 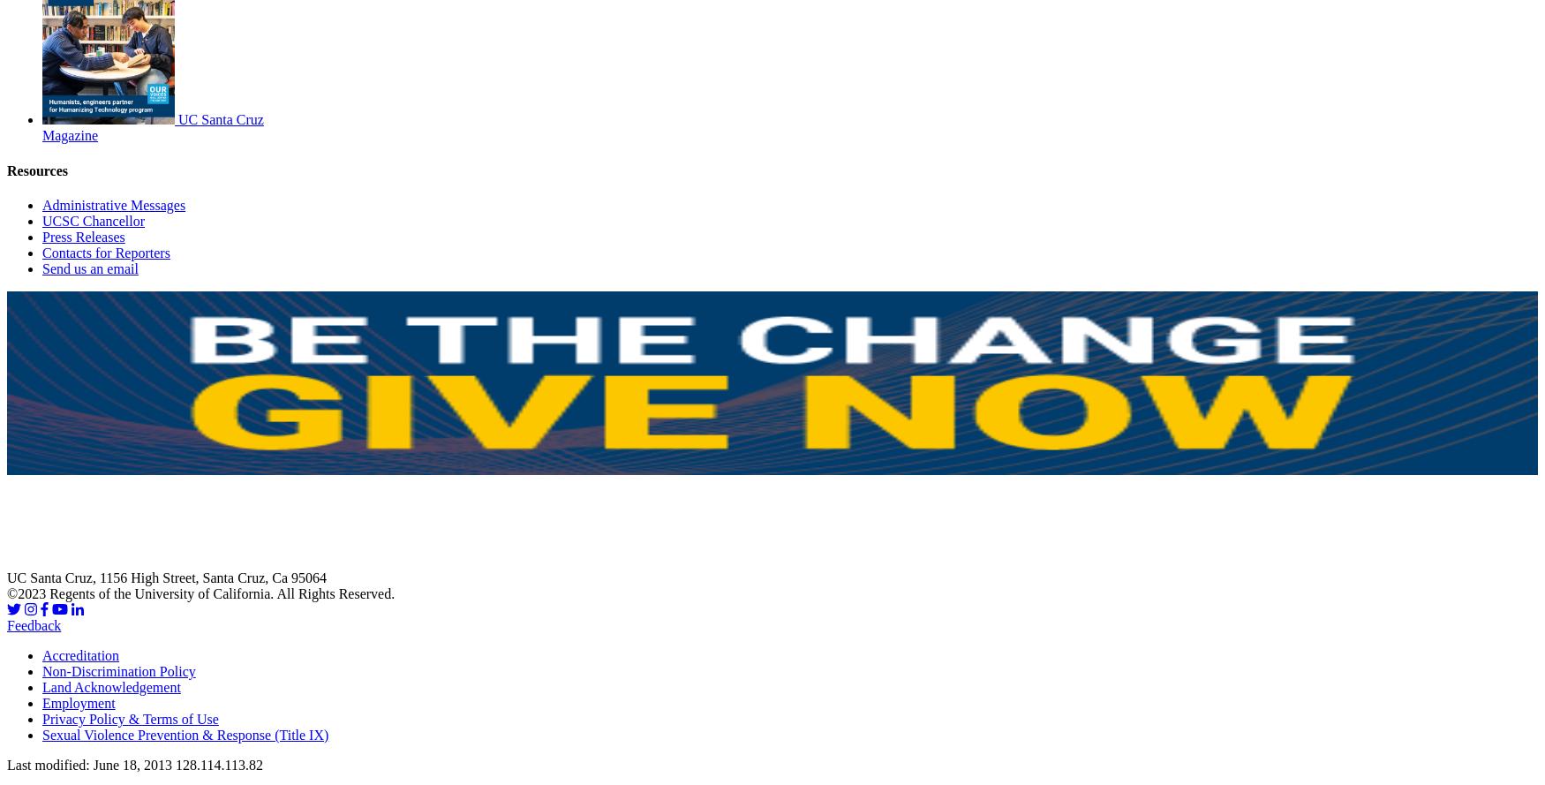 I want to click on 'Administrative Messages', so click(x=41, y=204).